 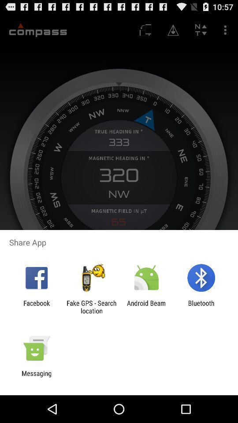 What do you see at coordinates (146, 307) in the screenshot?
I see `the app next to fake gps search` at bounding box center [146, 307].